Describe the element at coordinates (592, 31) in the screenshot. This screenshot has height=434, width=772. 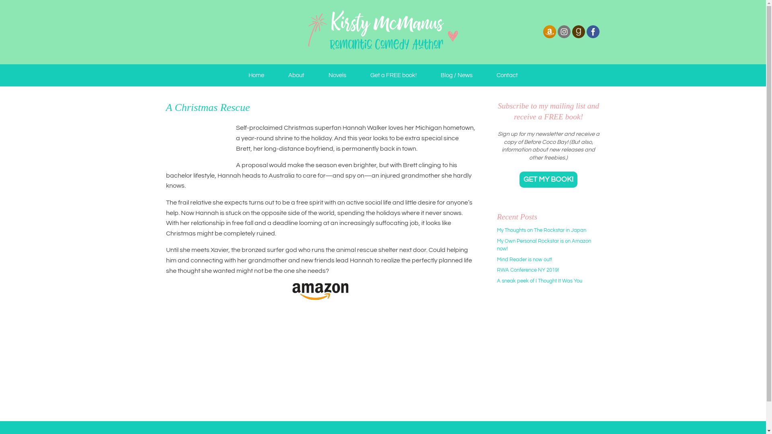
I see `'Facebook'` at that location.